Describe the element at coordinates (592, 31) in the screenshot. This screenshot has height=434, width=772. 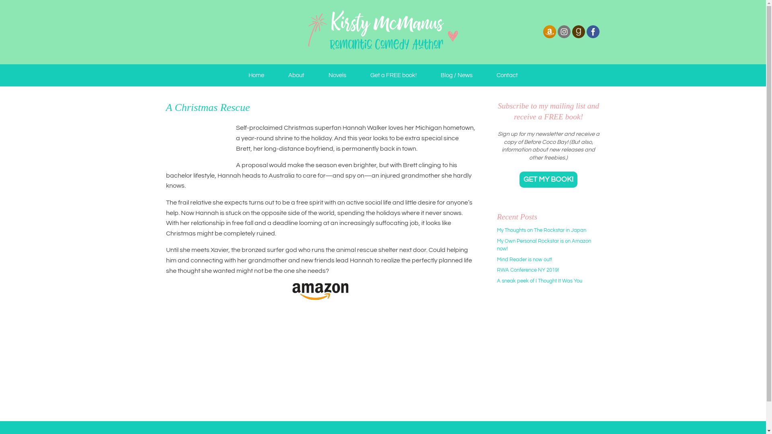
I see `'Facebook'` at that location.